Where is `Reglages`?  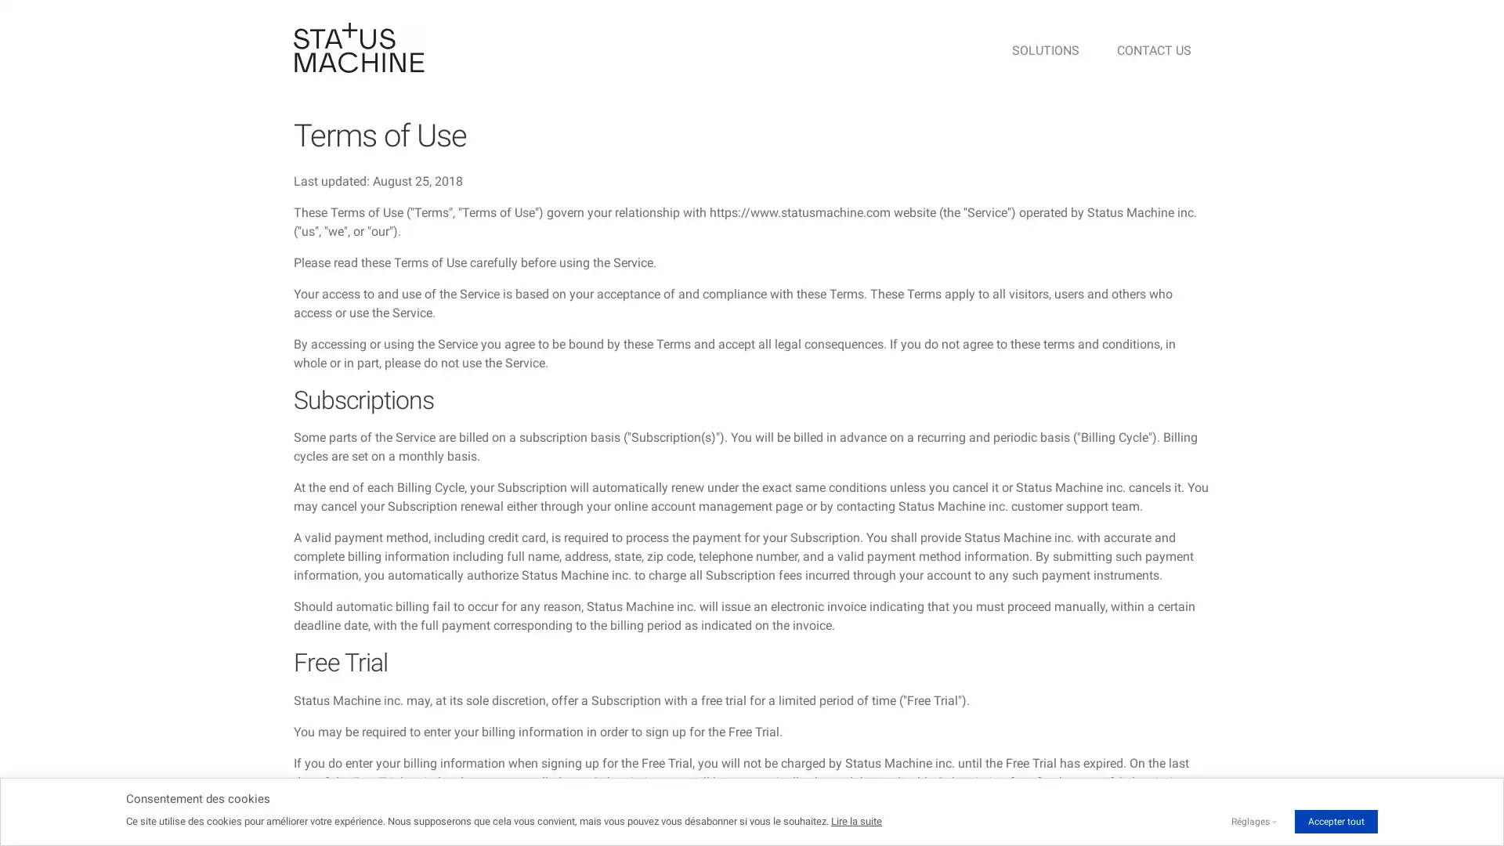
Reglages is located at coordinates (1249, 821).